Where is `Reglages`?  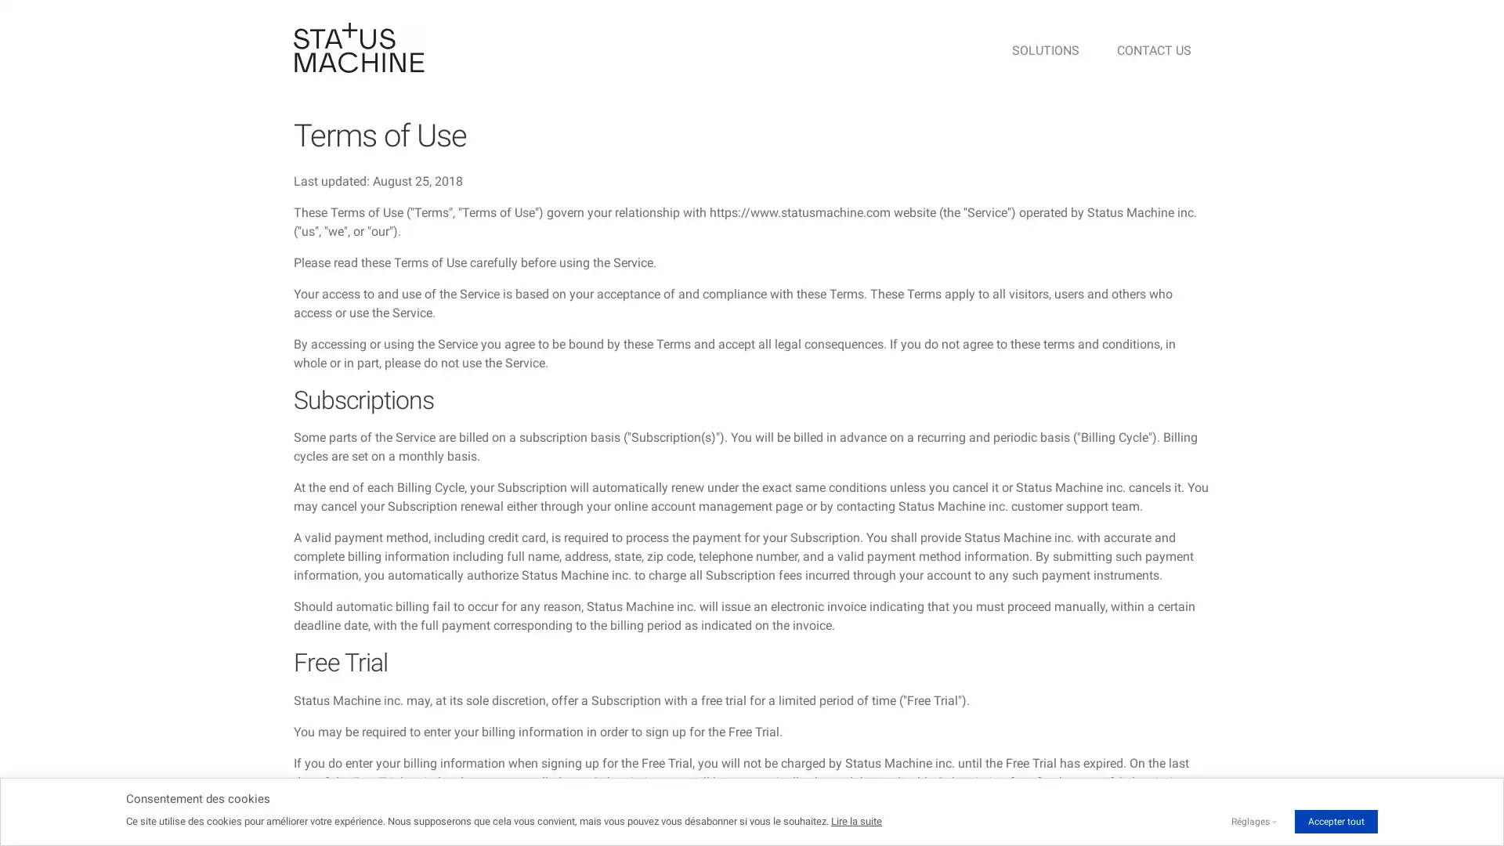
Reglages is located at coordinates (1249, 821).